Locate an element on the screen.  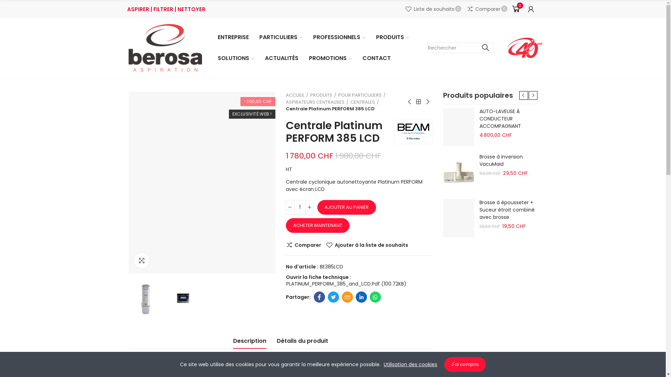
'Comparer is located at coordinates (466, 9).